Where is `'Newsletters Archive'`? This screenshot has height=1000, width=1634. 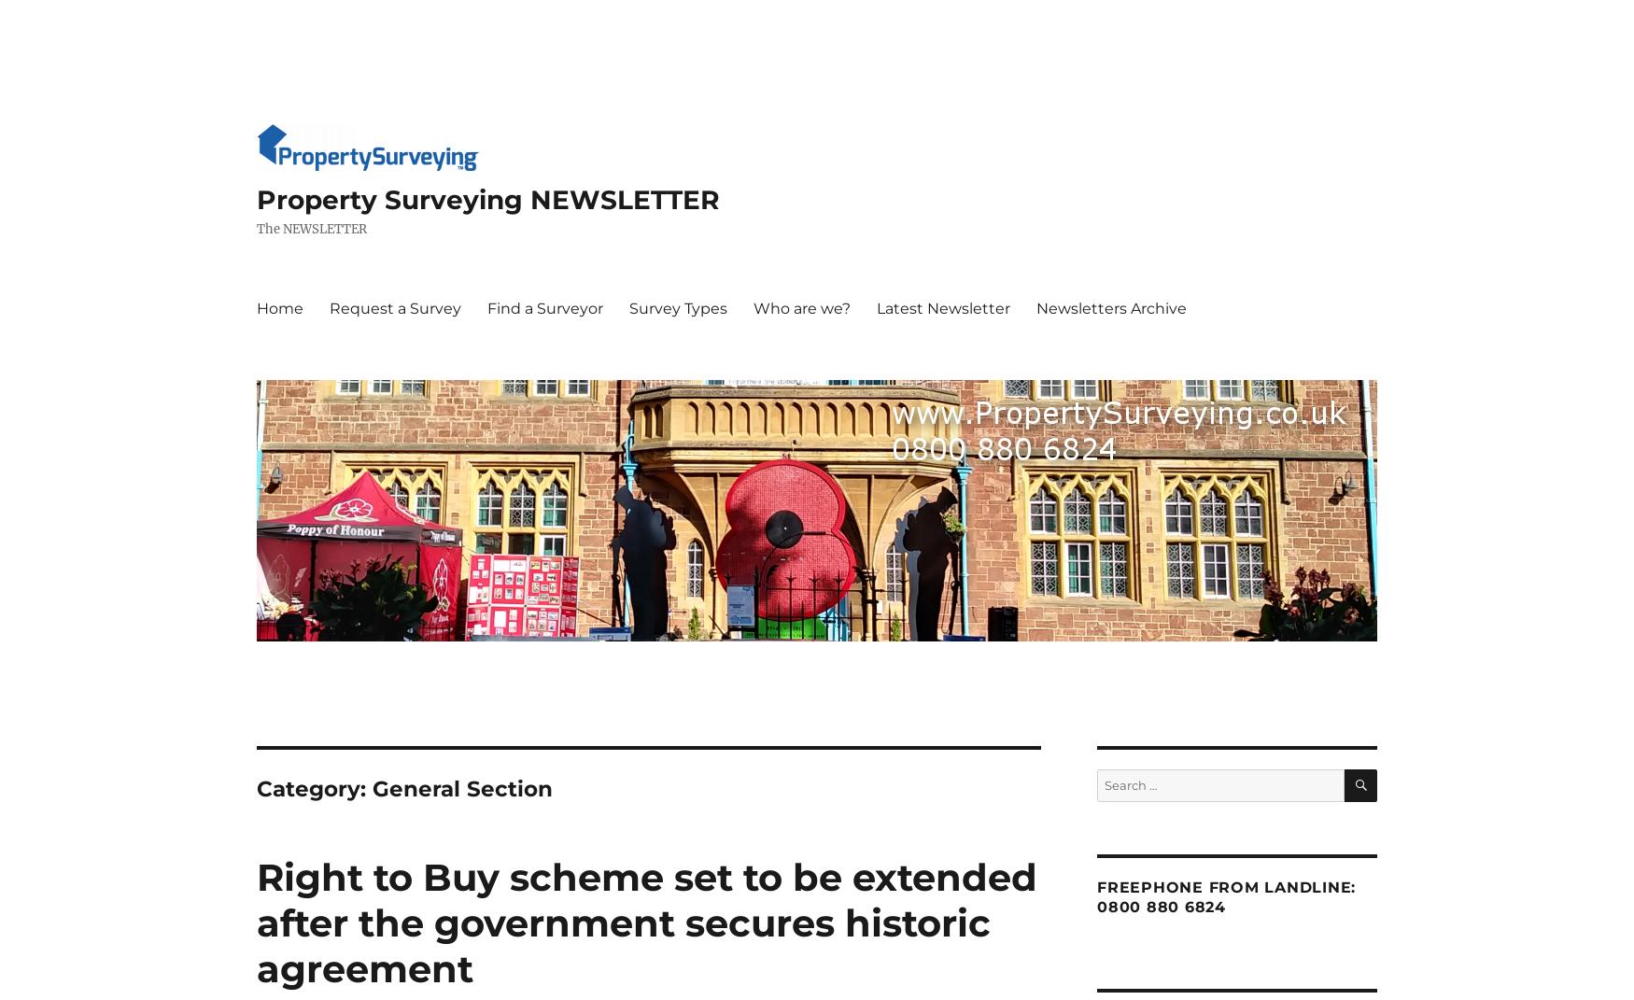
'Newsletters Archive' is located at coordinates (1111, 306).